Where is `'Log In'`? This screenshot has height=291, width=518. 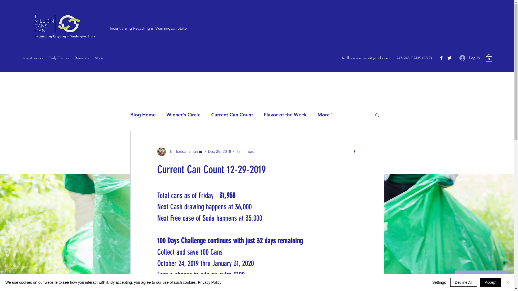
'Log In' is located at coordinates (469, 58).